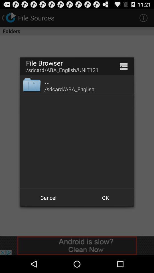 The image size is (154, 273). Describe the element at coordinates (123, 66) in the screenshot. I see `item at the top right corner` at that location.